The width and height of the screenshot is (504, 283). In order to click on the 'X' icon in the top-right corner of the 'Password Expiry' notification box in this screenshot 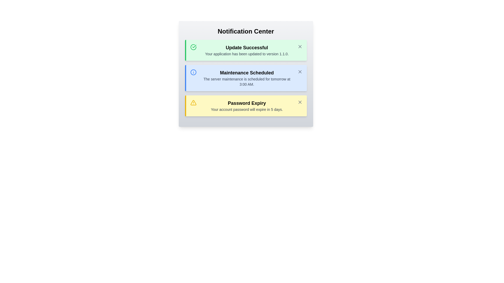, I will do `click(300, 102)`.